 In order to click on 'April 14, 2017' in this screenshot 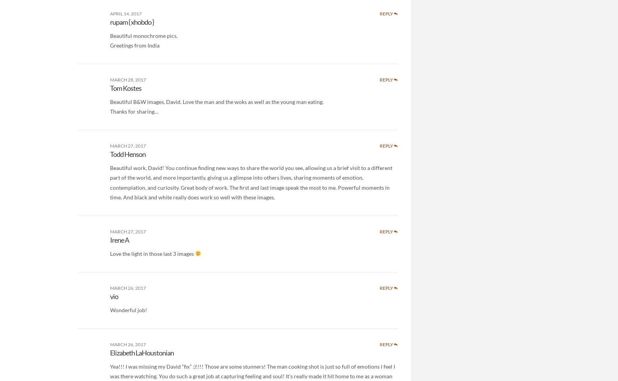, I will do `click(126, 13)`.